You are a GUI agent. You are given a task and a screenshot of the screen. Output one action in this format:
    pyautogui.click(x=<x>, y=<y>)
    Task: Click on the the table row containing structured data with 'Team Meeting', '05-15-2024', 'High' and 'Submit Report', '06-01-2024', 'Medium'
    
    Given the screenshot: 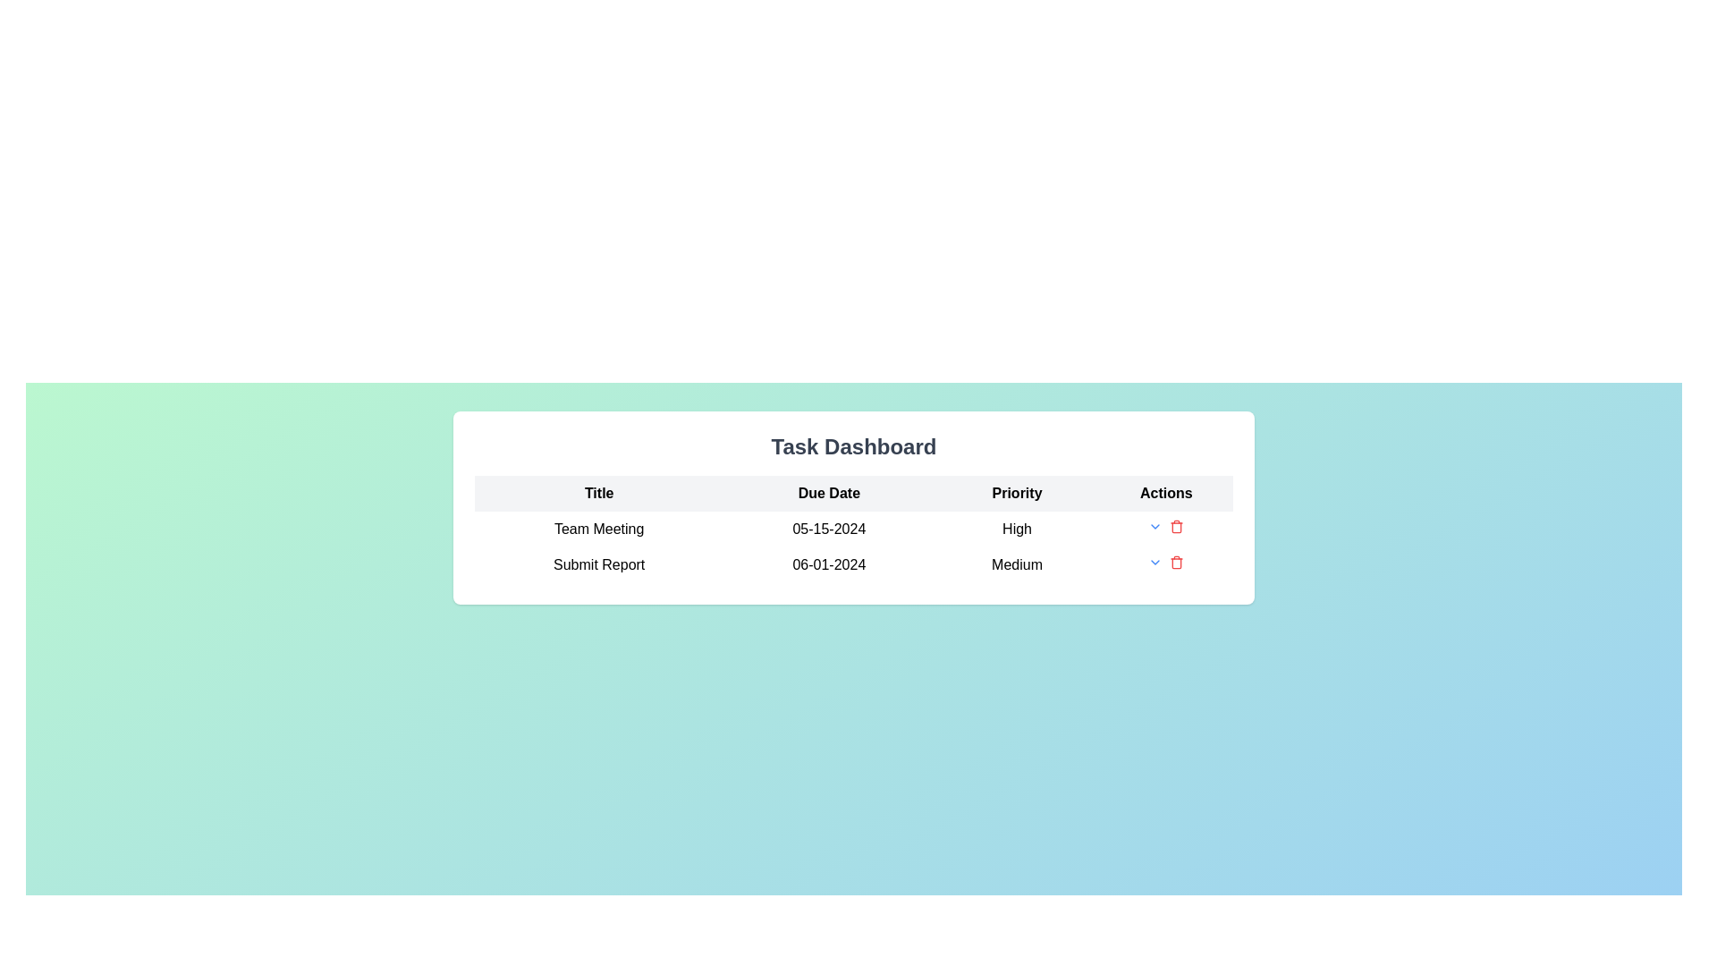 What is the action you would take?
    pyautogui.click(x=853, y=547)
    